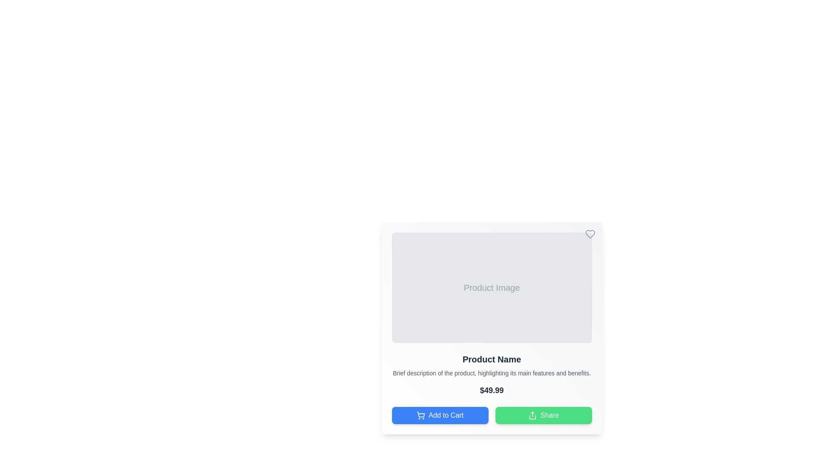 This screenshot has height=466, width=828. What do you see at coordinates (590, 234) in the screenshot?
I see `the heart outline icon button located at the top-right corner of the product card to trigger a visual feedback animation` at bounding box center [590, 234].